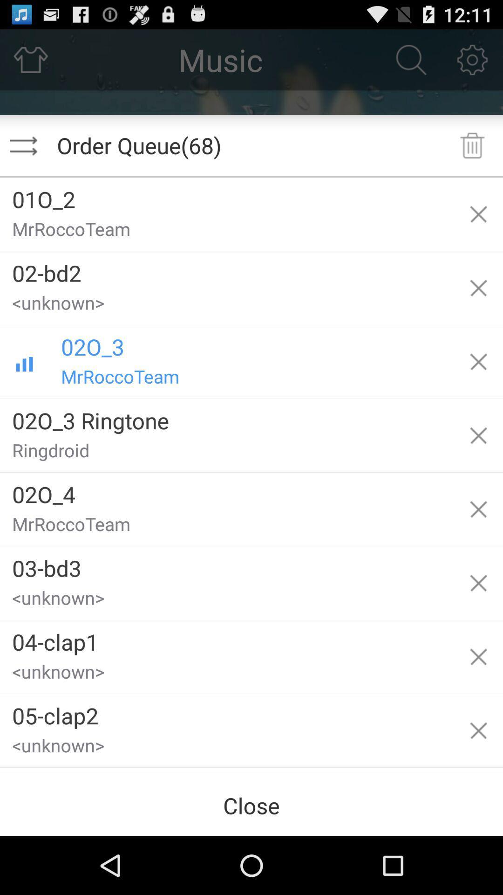  I want to click on icon above the <unknown> item, so click(227, 638).